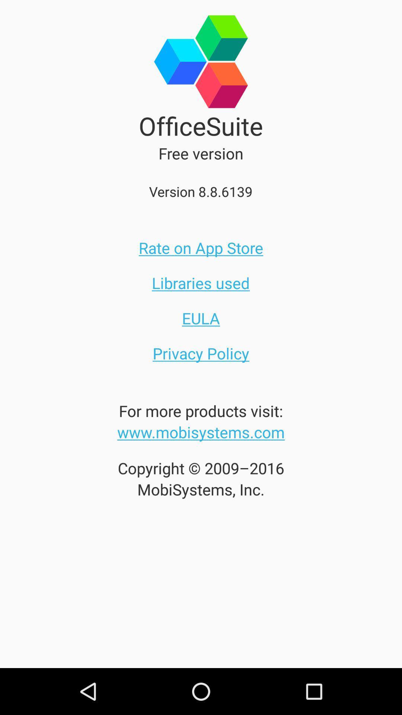  What do you see at coordinates (201, 353) in the screenshot?
I see `privacy policy` at bounding box center [201, 353].